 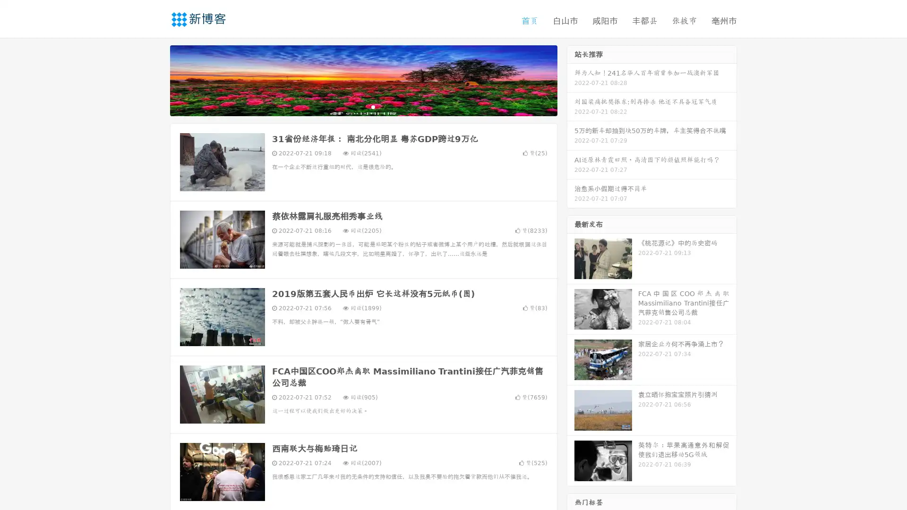 What do you see at coordinates (571, 79) in the screenshot?
I see `Next slide` at bounding box center [571, 79].